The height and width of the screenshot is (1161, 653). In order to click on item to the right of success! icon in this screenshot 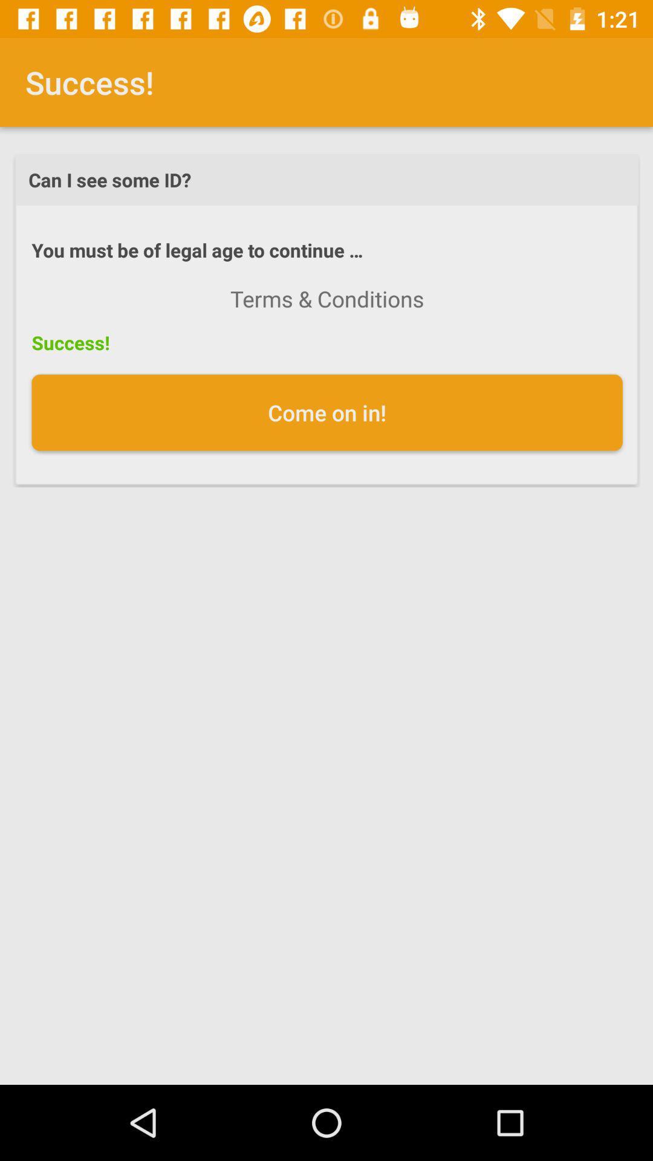, I will do `click(327, 299)`.